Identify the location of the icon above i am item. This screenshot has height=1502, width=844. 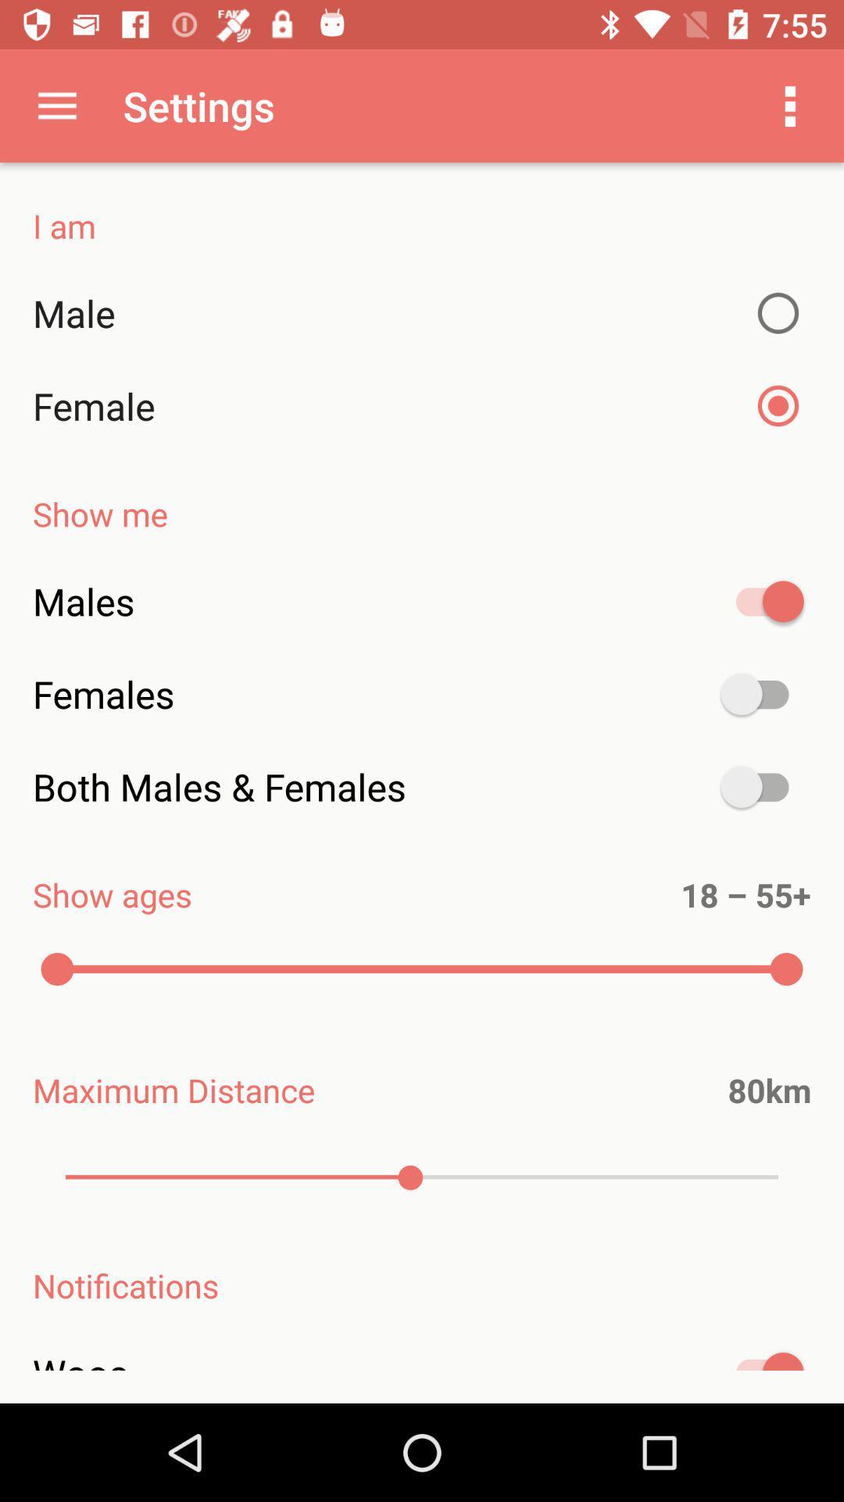
(790, 105).